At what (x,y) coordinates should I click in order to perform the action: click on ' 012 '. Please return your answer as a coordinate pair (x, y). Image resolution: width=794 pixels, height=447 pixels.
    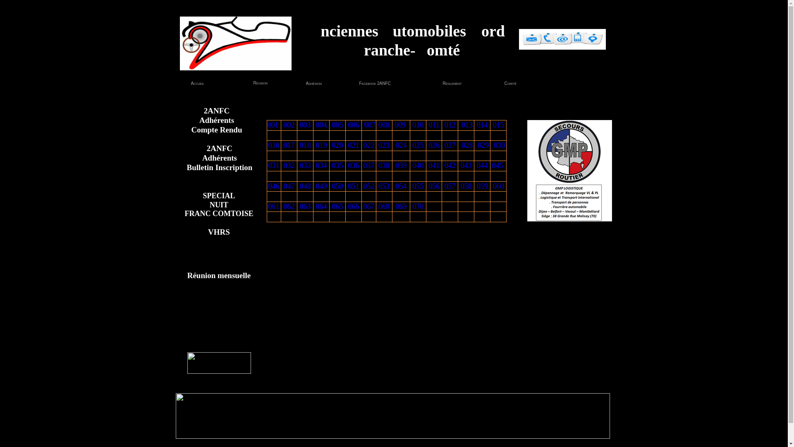
    Looking at the image, I should click on (450, 125).